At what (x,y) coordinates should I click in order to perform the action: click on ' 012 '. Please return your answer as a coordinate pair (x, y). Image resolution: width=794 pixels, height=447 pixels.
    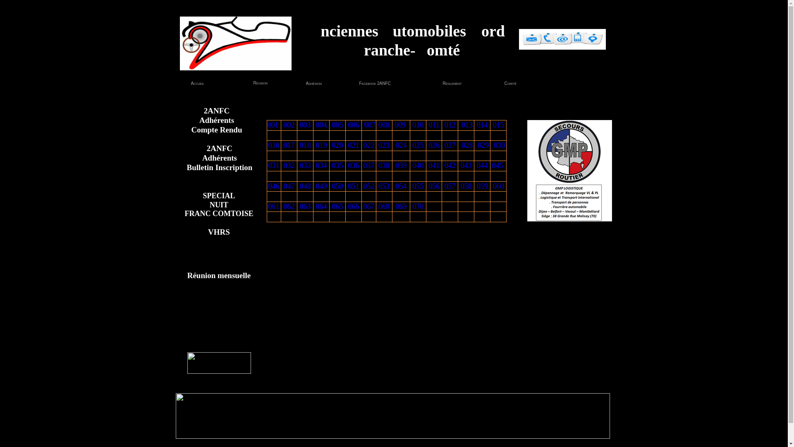
    Looking at the image, I should click on (450, 125).